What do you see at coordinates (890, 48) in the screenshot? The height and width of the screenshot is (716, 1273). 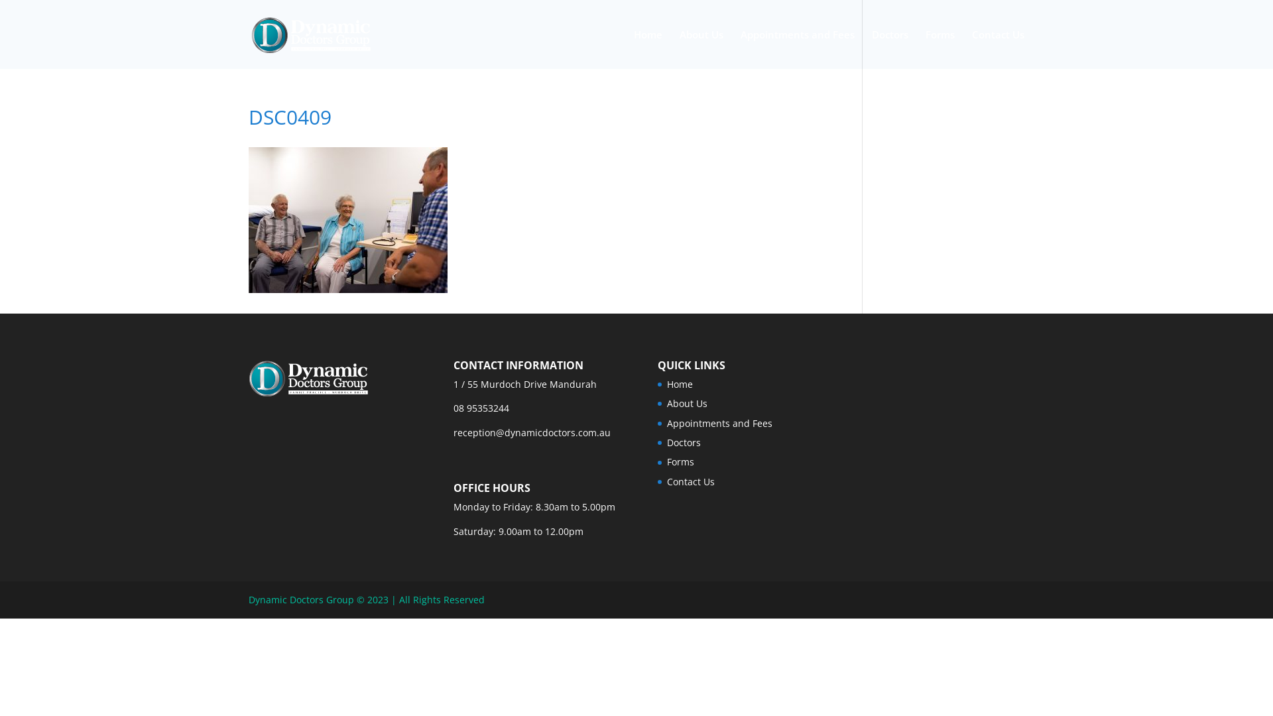 I see `'Doctors'` at bounding box center [890, 48].